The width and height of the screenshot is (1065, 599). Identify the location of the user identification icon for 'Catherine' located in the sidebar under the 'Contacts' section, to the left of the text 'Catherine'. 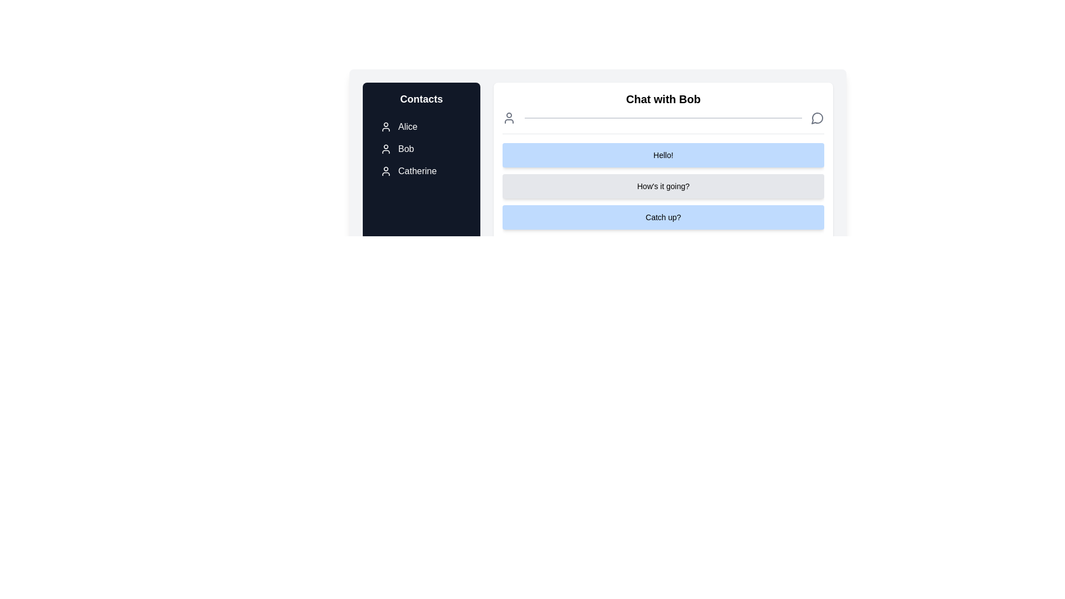
(386, 171).